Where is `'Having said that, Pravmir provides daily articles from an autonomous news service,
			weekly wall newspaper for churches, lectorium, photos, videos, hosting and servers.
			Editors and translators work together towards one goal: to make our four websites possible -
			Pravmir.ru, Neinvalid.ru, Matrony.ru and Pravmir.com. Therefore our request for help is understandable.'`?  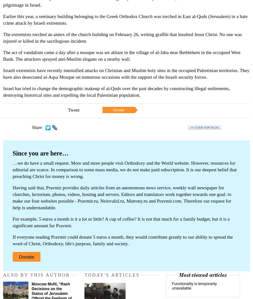
'Having said that, Pravmir provides daily articles from an autonomous news service,
			weekly wall newspaper for churches, lectorium, photos, videos, hosting and servers.
			Editors and translators work together towards one goal: to make our four websites possible -
			Pravmir.ru, Neinvalid.ru, Matrony.ru and Pravmir.com. Therefore our request for help is understandable.' is located at coordinates (12, 197).